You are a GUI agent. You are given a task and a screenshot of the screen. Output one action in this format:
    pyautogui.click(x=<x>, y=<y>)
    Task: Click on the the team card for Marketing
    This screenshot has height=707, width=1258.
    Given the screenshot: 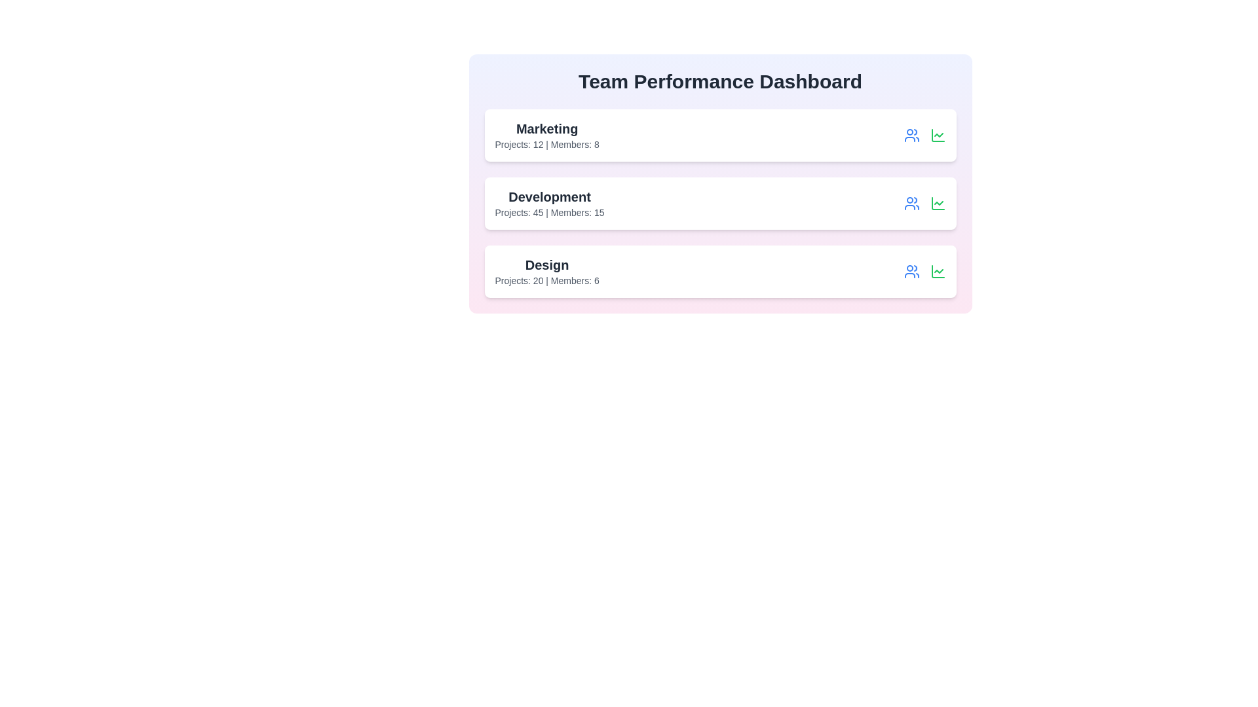 What is the action you would take?
    pyautogui.click(x=719, y=136)
    